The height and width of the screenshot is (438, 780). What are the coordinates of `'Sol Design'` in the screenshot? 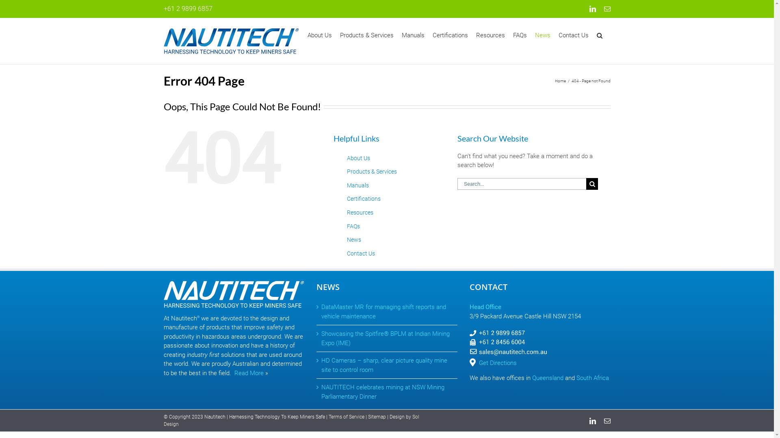 It's located at (291, 420).